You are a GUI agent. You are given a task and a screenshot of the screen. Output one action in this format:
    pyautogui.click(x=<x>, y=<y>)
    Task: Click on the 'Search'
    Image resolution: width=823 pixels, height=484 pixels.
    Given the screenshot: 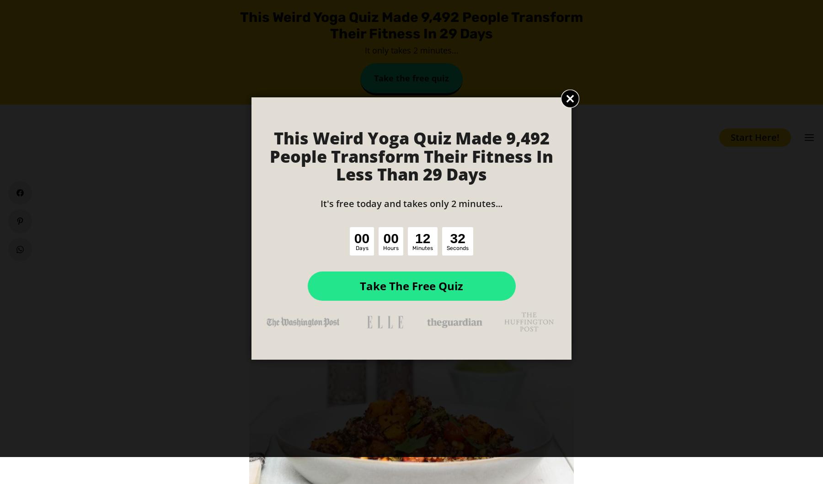 What is the action you would take?
    pyautogui.click(x=446, y=59)
    